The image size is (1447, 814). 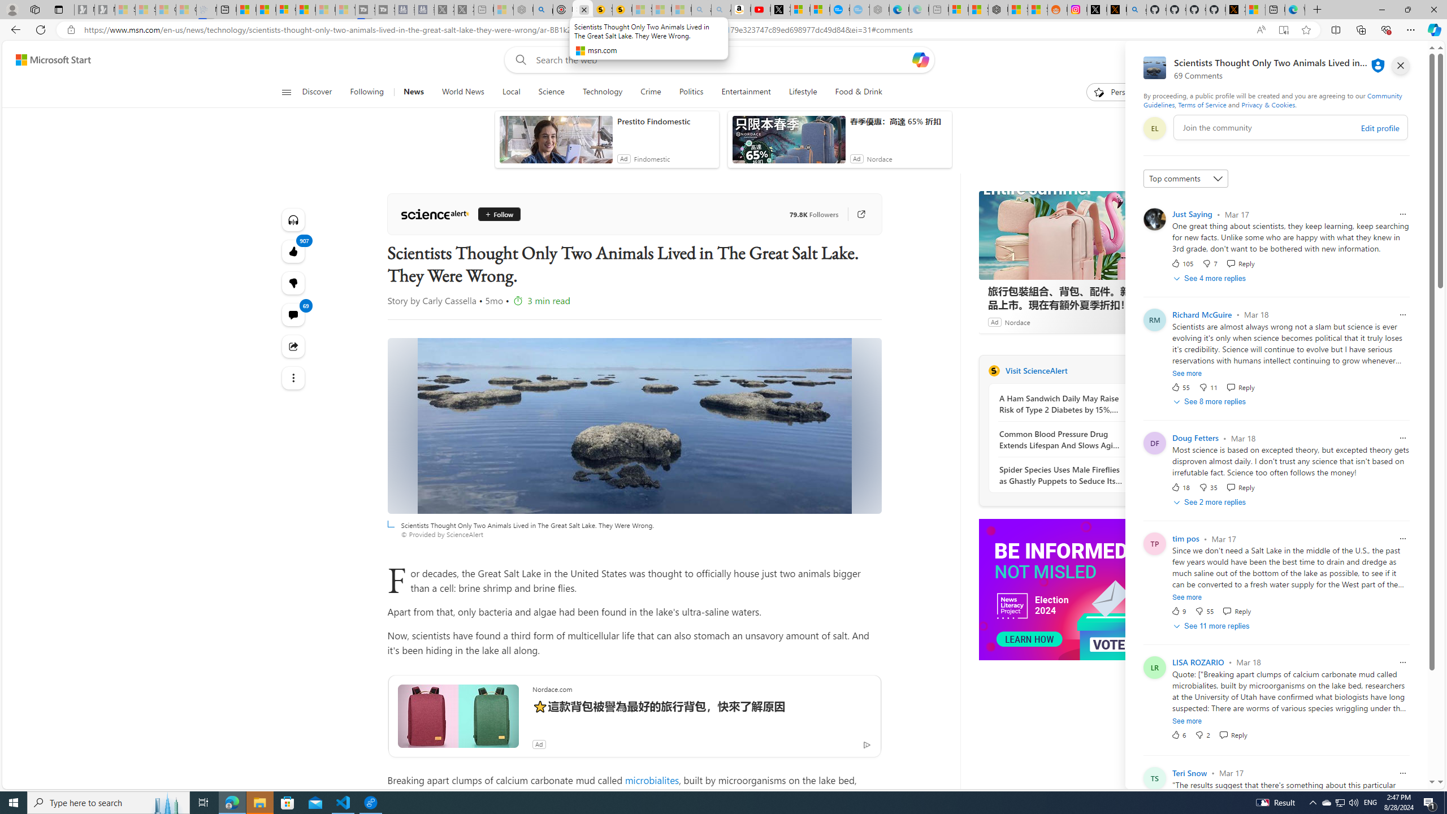 What do you see at coordinates (551, 92) in the screenshot?
I see `'Science'` at bounding box center [551, 92].